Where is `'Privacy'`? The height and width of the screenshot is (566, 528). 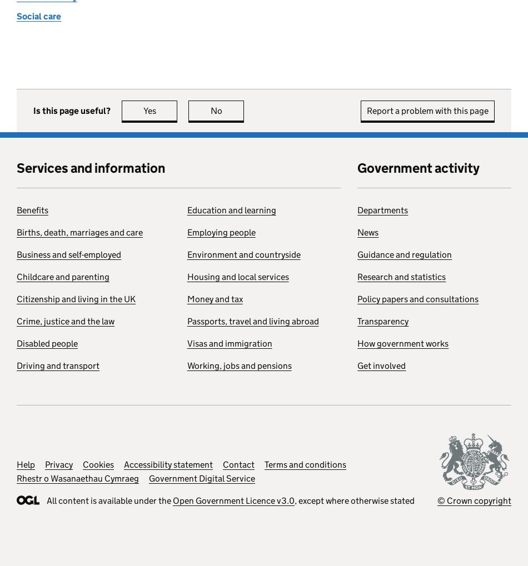
'Privacy' is located at coordinates (59, 464).